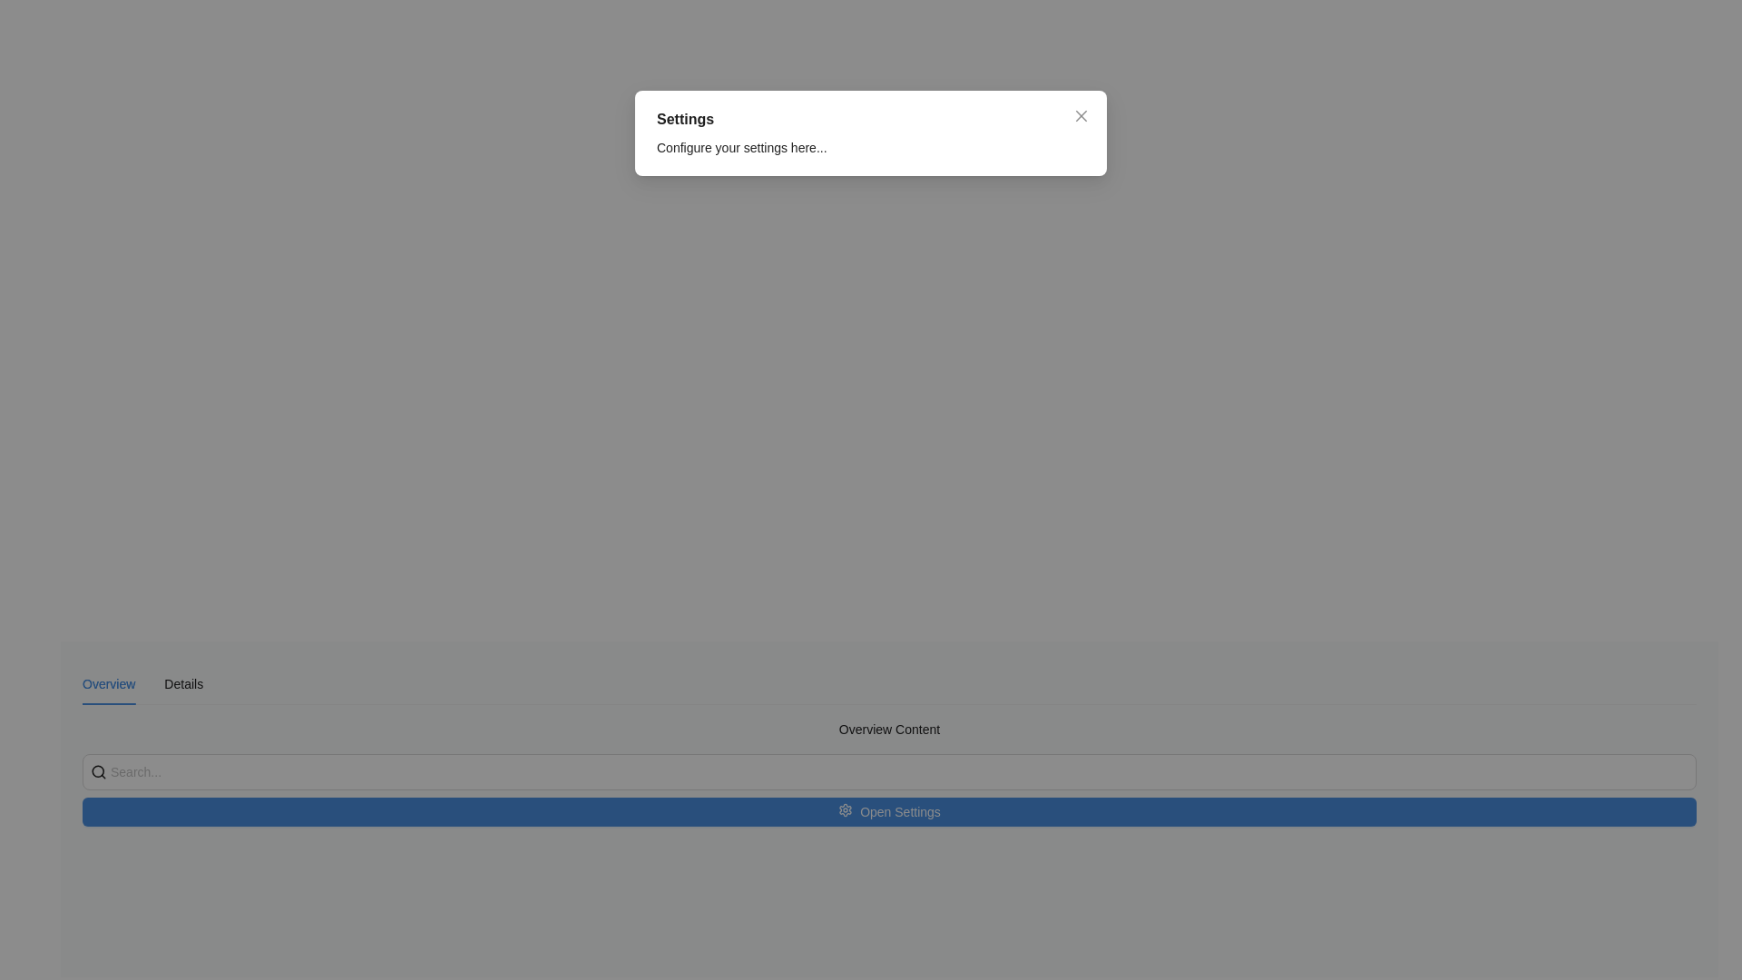  Describe the element at coordinates (142, 683) in the screenshot. I see `the 'Overview' tab of the Tabbed Navigation Bar` at that location.